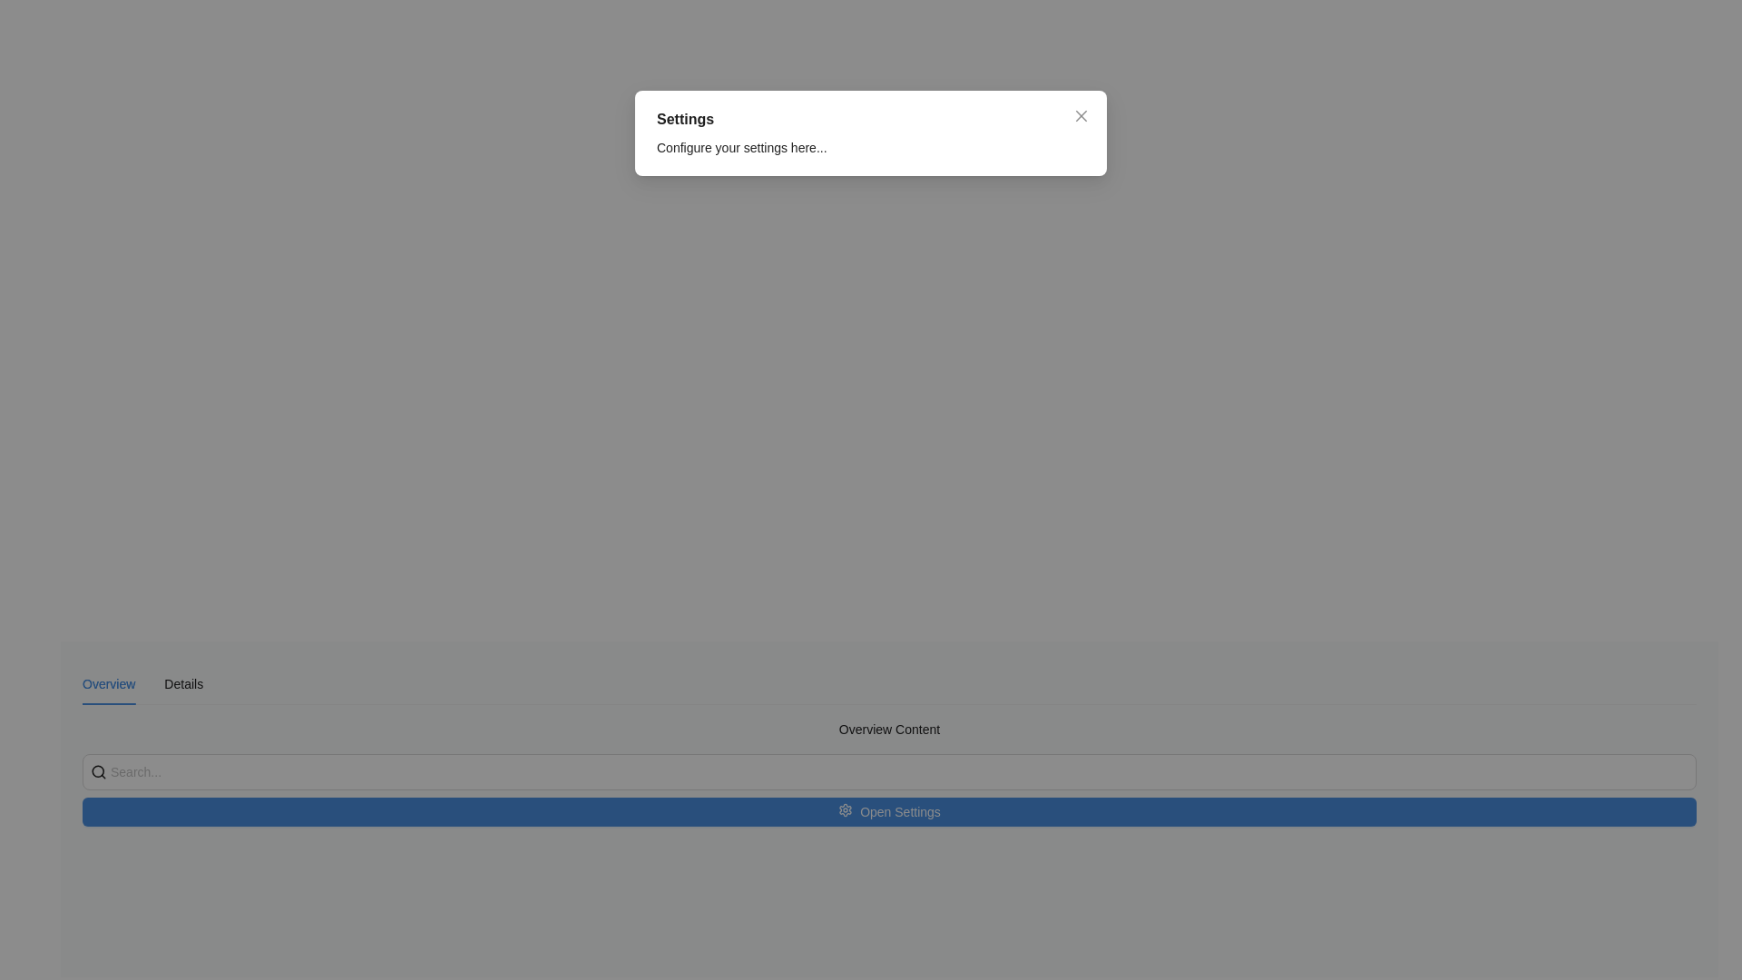  Describe the element at coordinates (142, 683) in the screenshot. I see `the 'Overview' tab of the Tabbed Navigation Bar` at that location.